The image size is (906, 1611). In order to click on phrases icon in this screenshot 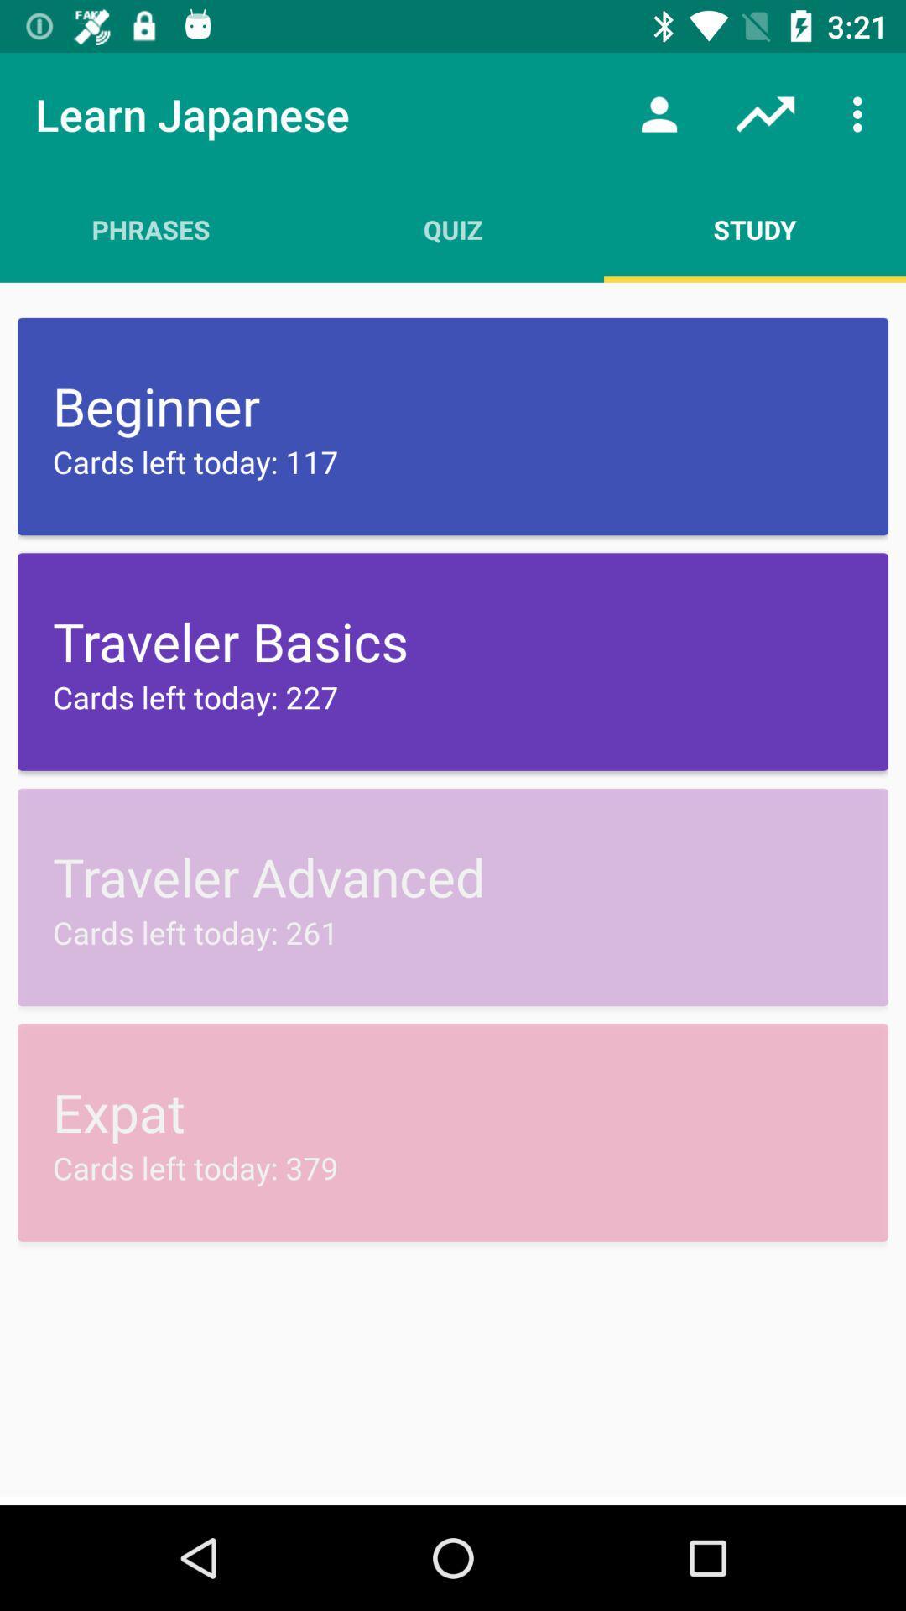, I will do `click(151, 228)`.